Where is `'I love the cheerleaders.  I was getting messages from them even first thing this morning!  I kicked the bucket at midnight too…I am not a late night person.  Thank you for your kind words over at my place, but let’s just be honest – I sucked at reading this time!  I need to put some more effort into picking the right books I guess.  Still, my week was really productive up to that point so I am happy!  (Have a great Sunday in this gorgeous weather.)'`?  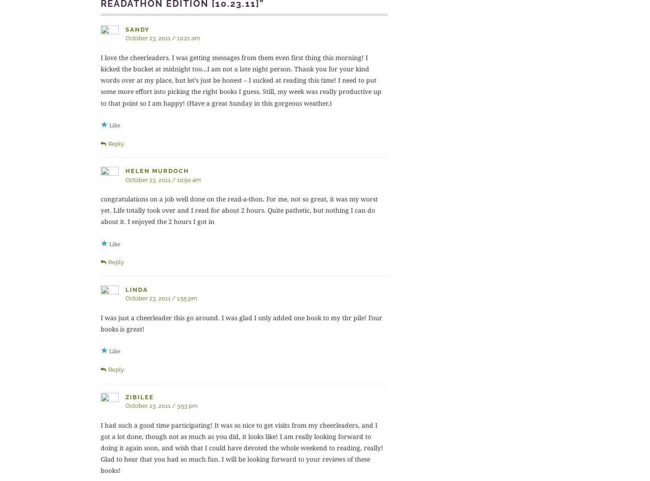
'I love the cheerleaders.  I was getting messages from them even first thing this morning!  I kicked the bucket at midnight too…I am not a late night person.  Thank you for your kind words over at my place, but let’s just be honest – I sucked at reading this time!  I need to put some more effort into picking the right books I guess.  Still, my week was really productive up to that point so I am happy!  (Have a great Sunday in this gorgeous weather.)' is located at coordinates (240, 79).